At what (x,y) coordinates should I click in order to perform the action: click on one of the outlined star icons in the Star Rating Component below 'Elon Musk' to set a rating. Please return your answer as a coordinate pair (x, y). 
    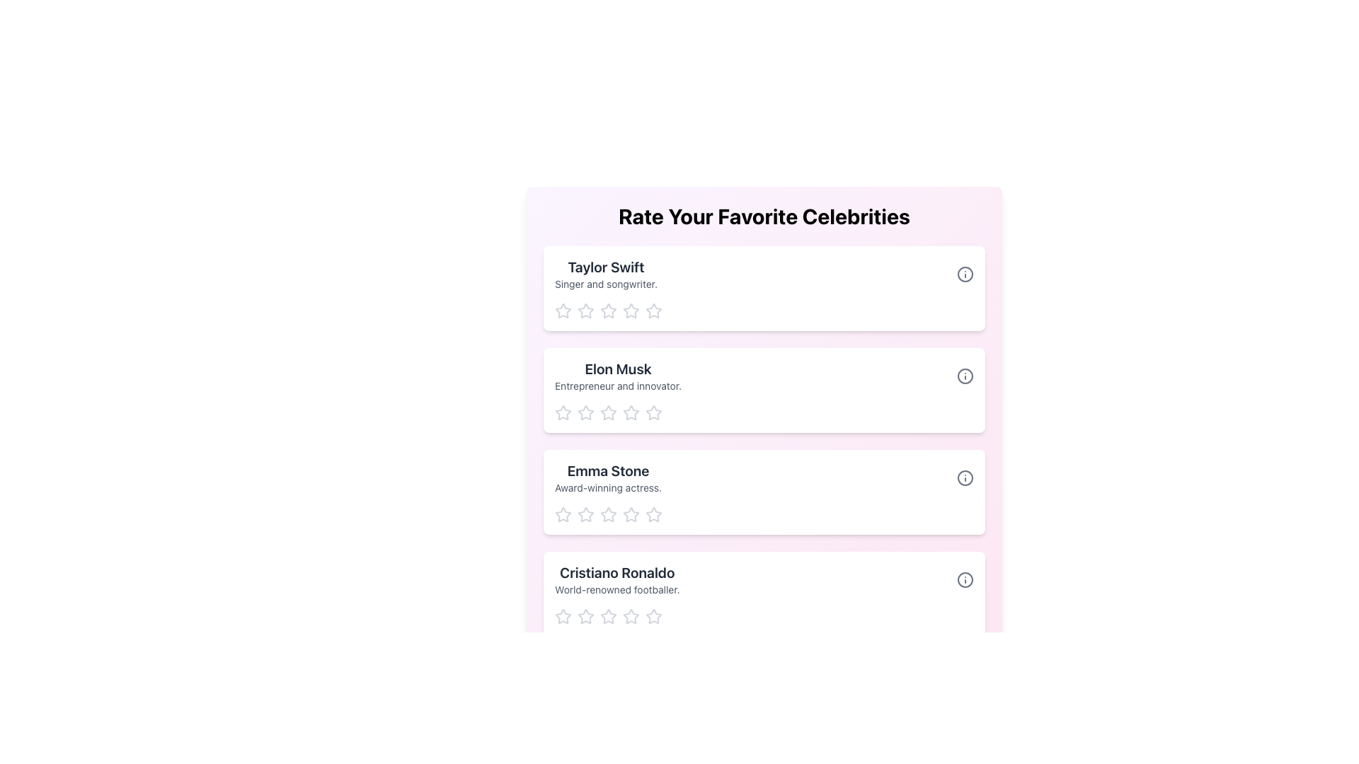
    Looking at the image, I should click on (764, 407).